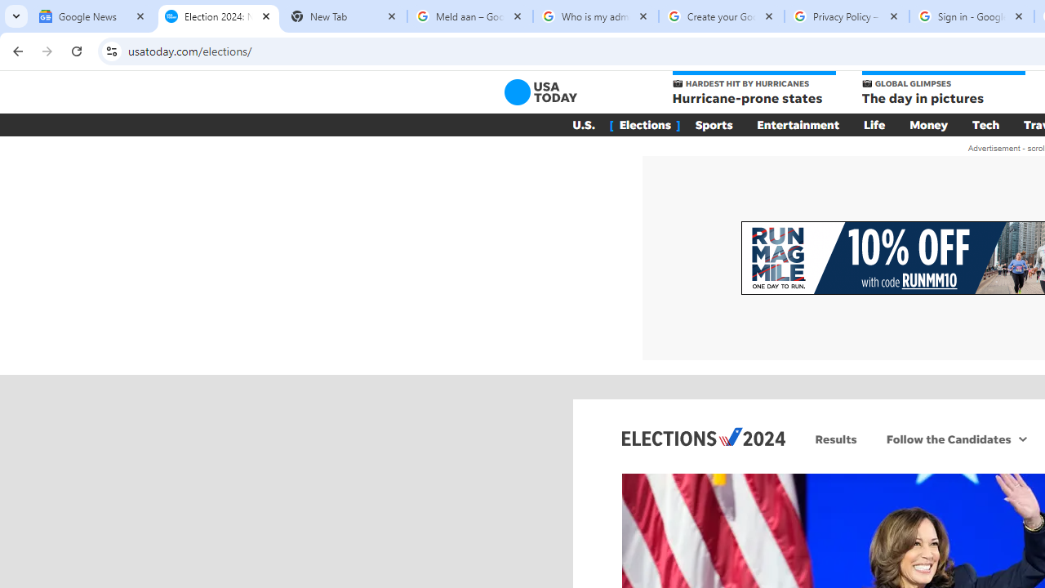  What do you see at coordinates (595, 16) in the screenshot?
I see `'Who is my administrator? - Google Account Help'` at bounding box center [595, 16].